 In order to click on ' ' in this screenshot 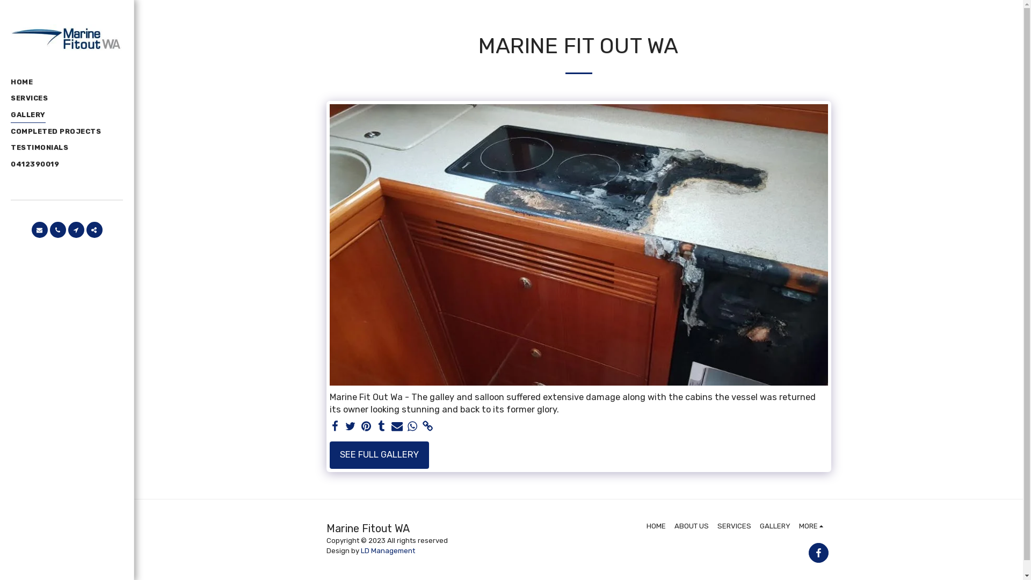, I will do `click(75, 229)`.